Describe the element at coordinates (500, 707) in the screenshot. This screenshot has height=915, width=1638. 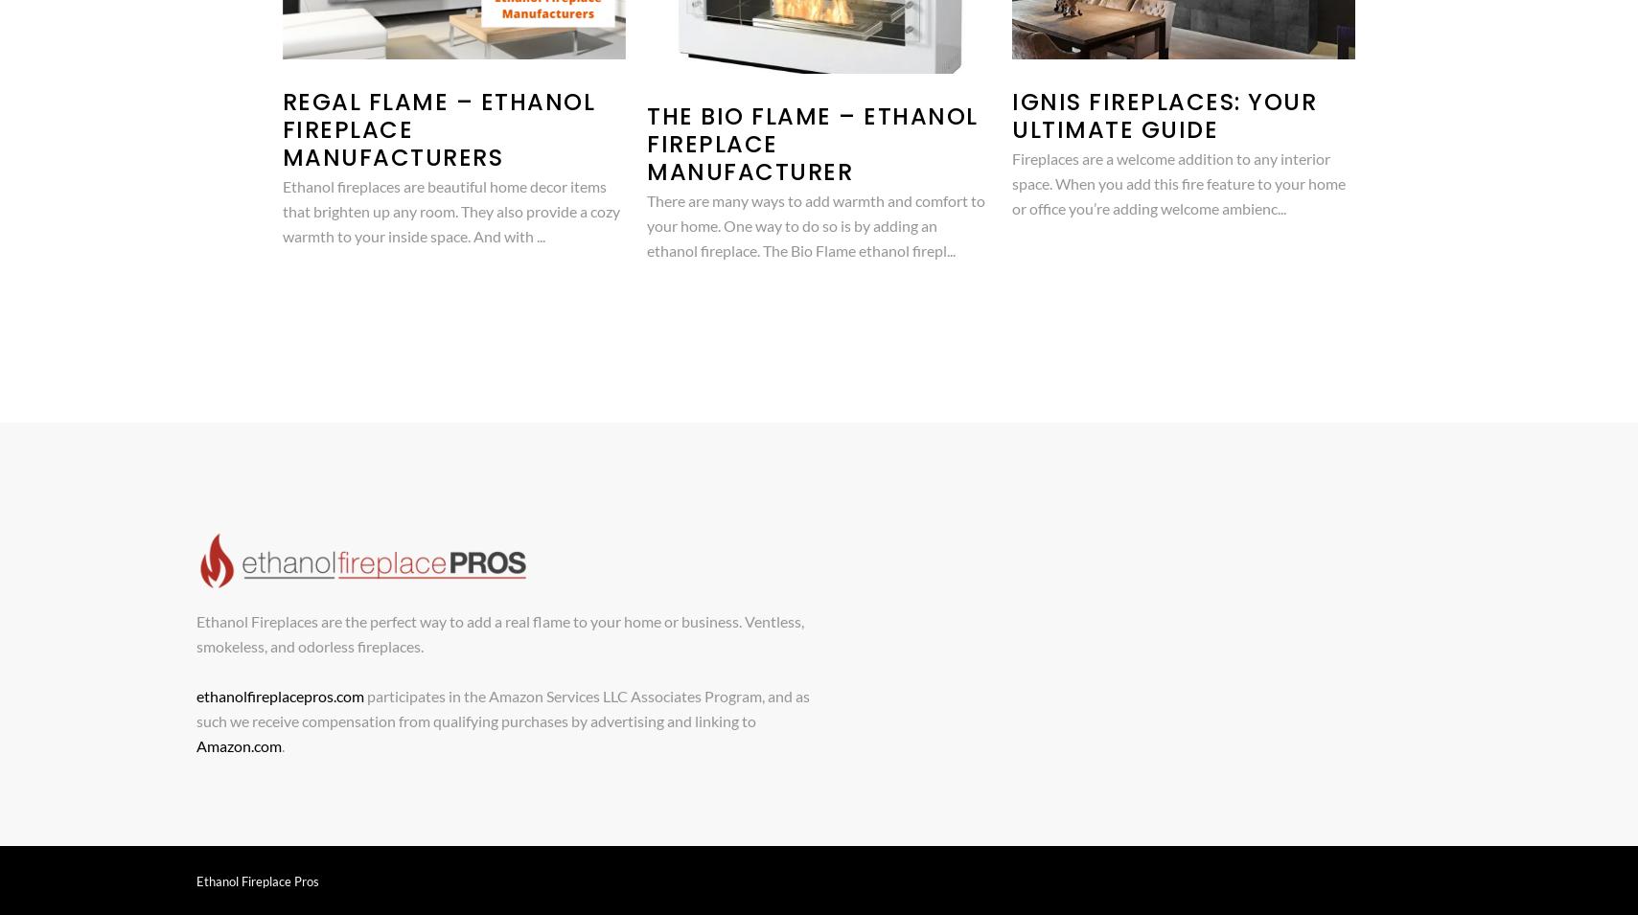
I see `'participates in the Amazon Services LLC Associates Program, and as such we receive compensation from qualifying purchases by advertising and linking to'` at that location.